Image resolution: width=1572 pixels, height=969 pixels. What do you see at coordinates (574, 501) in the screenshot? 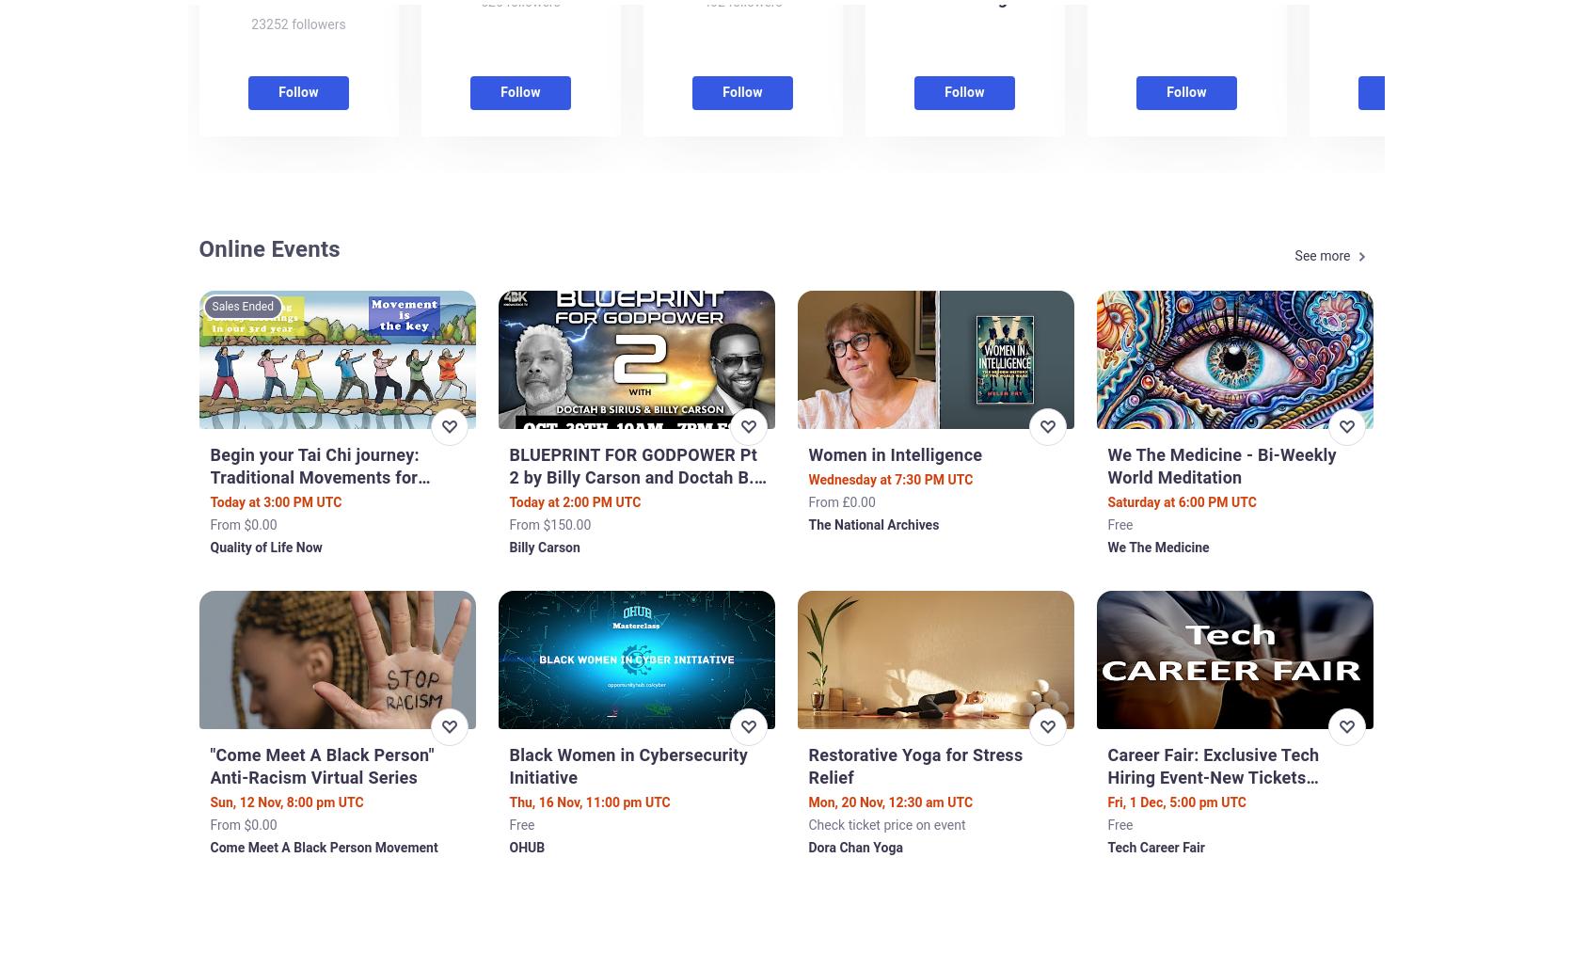
I see `'Today at 2:00 PM UTC'` at bounding box center [574, 501].